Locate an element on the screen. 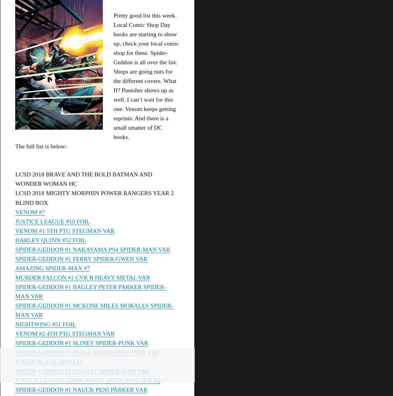 Image resolution: width=393 pixels, height=396 pixels. 'SPIDER-GEDDON #1 BAGLEY PETER PARKER SPIDER-MAN VAR' is located at coordinates (90, 291).